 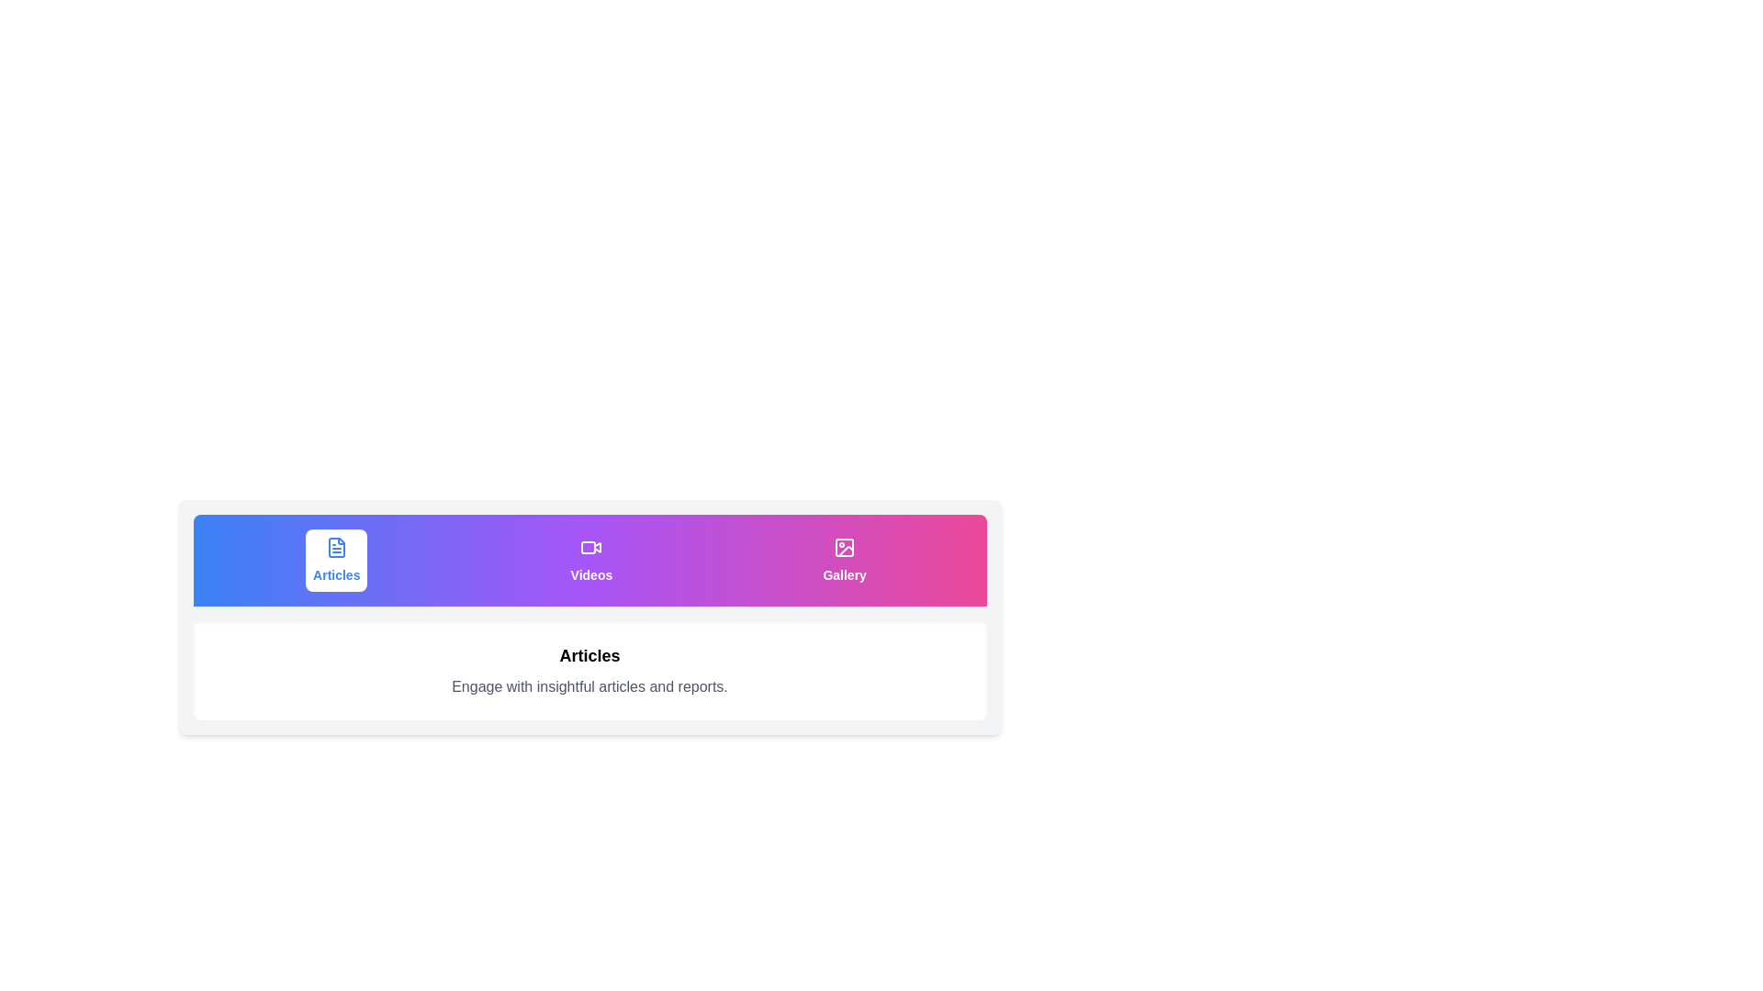 What do you see at coordinates (844, 559) in the screenshot?
I see `the tab labeled Gallery to switch to it` at bounding box center [844, 559].